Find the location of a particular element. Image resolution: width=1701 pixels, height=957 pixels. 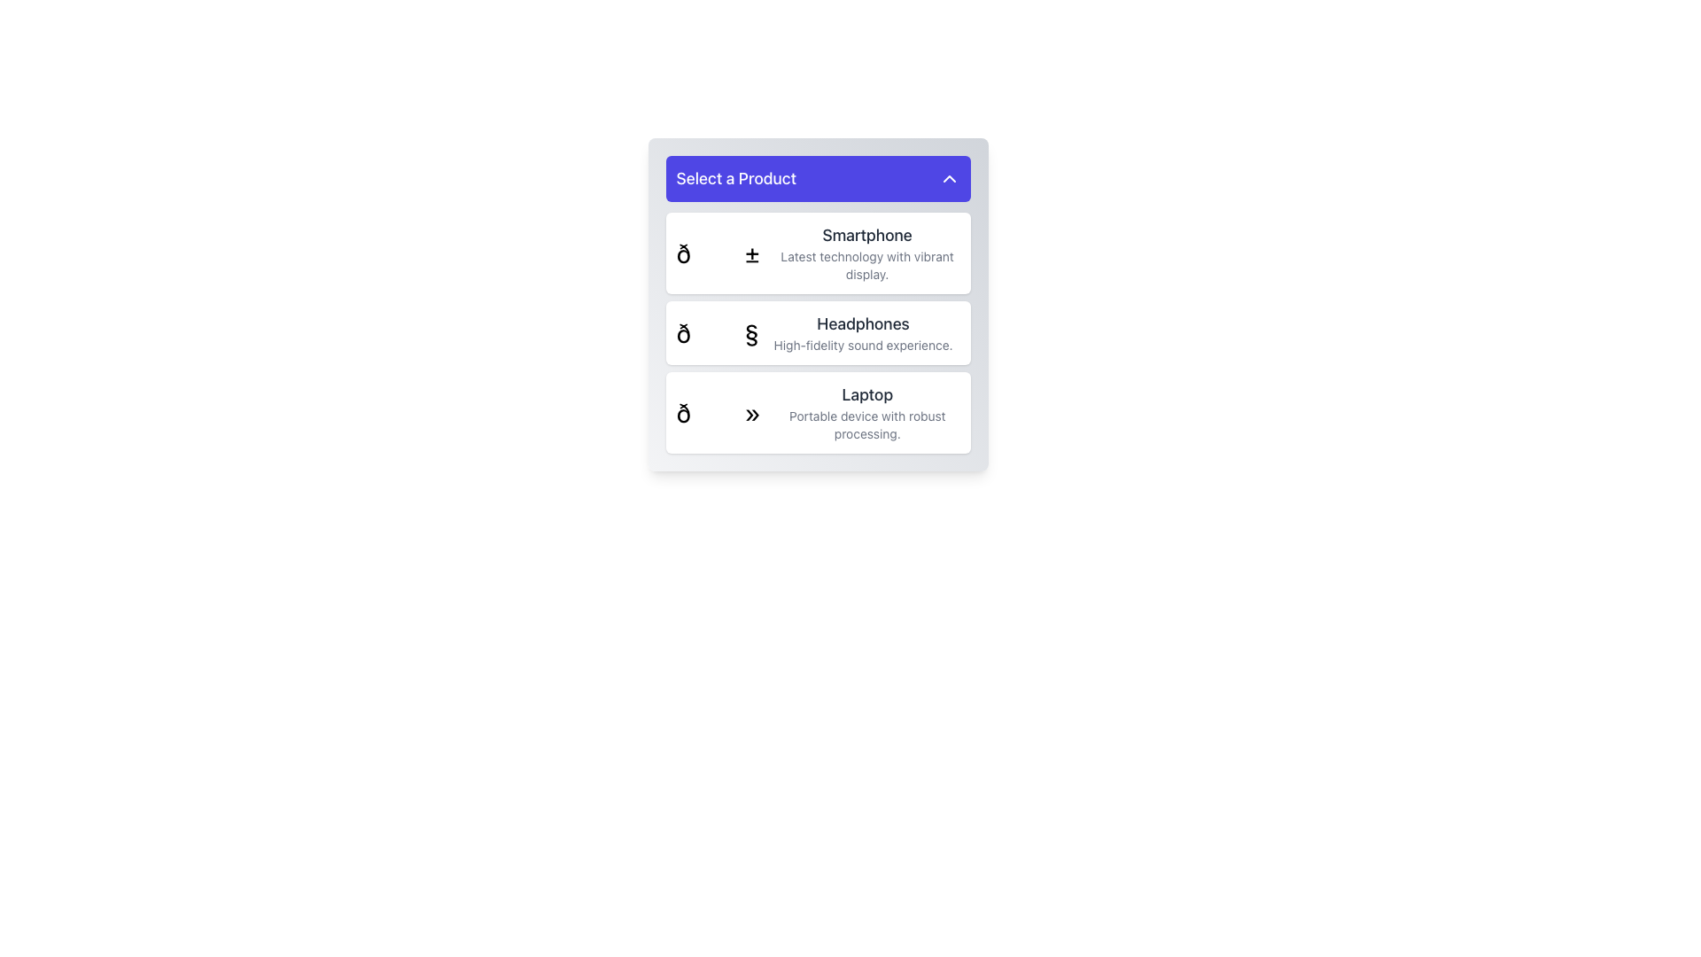

text label displaying 'Laptop' which is styled in a large font size and medium weight, located at the center of the third item in a vertical list structure is located at coordinates (867, 394).